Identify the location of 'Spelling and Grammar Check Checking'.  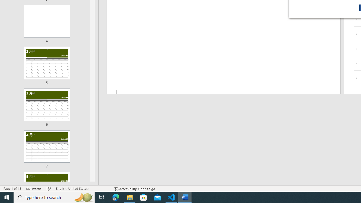
(49, 189).